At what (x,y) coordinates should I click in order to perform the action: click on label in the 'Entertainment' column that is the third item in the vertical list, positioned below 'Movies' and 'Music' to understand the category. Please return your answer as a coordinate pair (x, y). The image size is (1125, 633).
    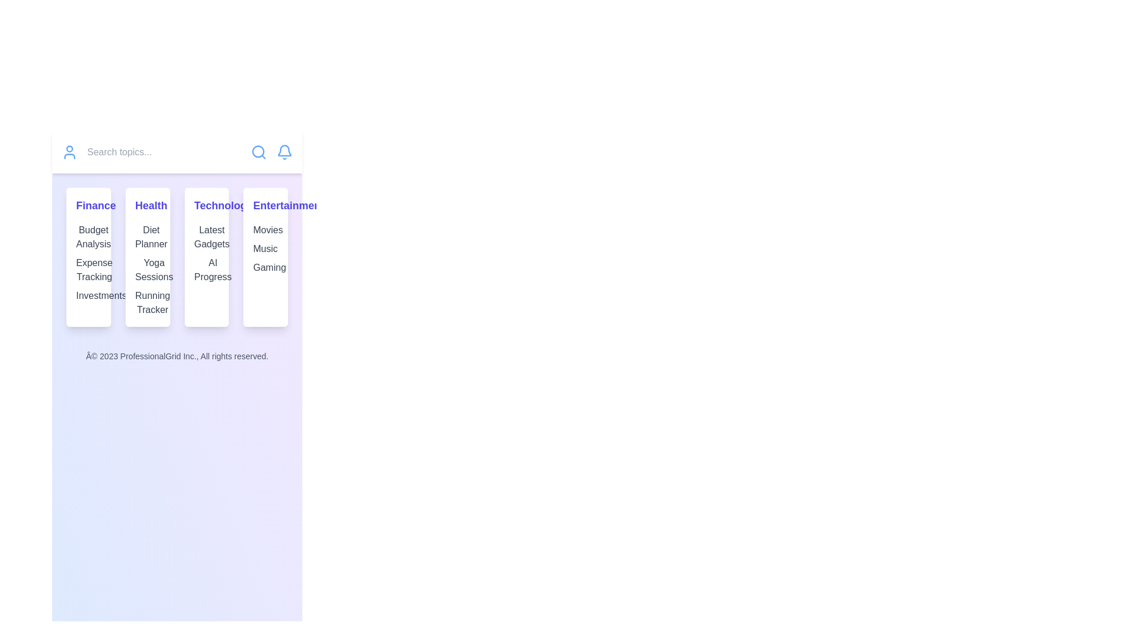
    Looking at the image, I should click on (265, 267).